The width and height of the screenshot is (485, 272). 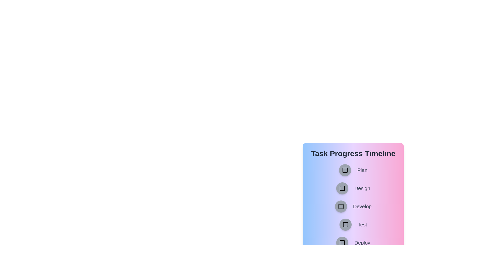 I want to click on the task name associated with the button labeled Plan, so click(x=362, y=170).